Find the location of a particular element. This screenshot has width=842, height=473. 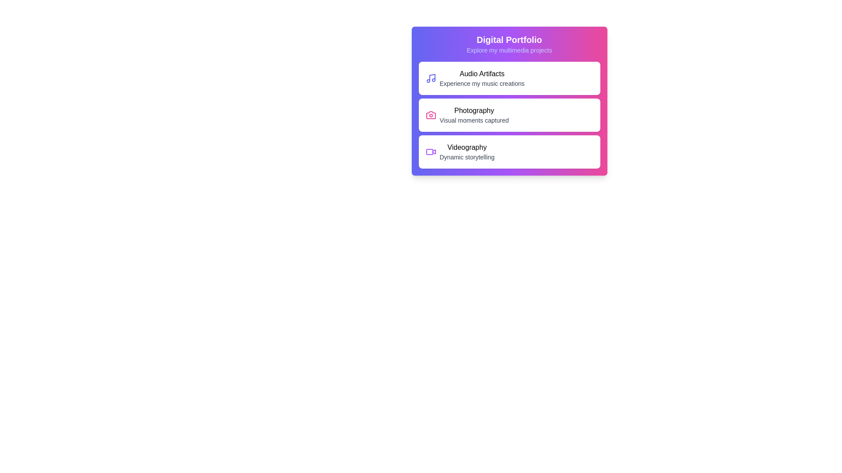

the descriptive subtitle text label located beneath the 'Photography' title in the second card from the top in the vertical stack of multimedia project cards is located at coordinates (474, 120).